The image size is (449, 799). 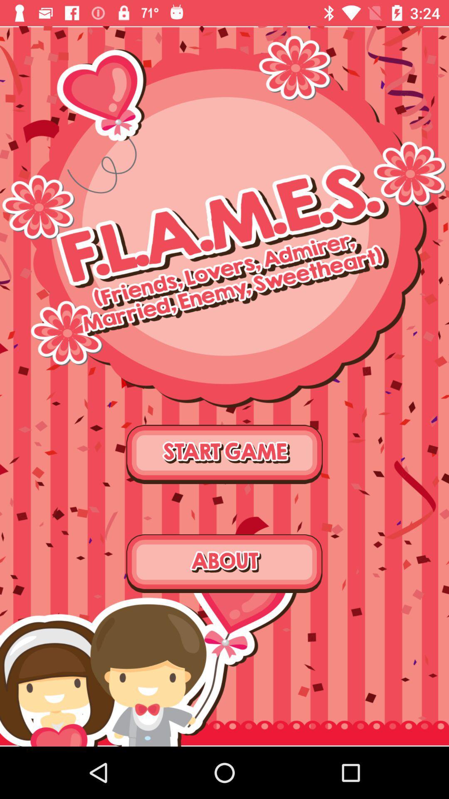 I want to click on get info about app, so click(x=224, y=563).